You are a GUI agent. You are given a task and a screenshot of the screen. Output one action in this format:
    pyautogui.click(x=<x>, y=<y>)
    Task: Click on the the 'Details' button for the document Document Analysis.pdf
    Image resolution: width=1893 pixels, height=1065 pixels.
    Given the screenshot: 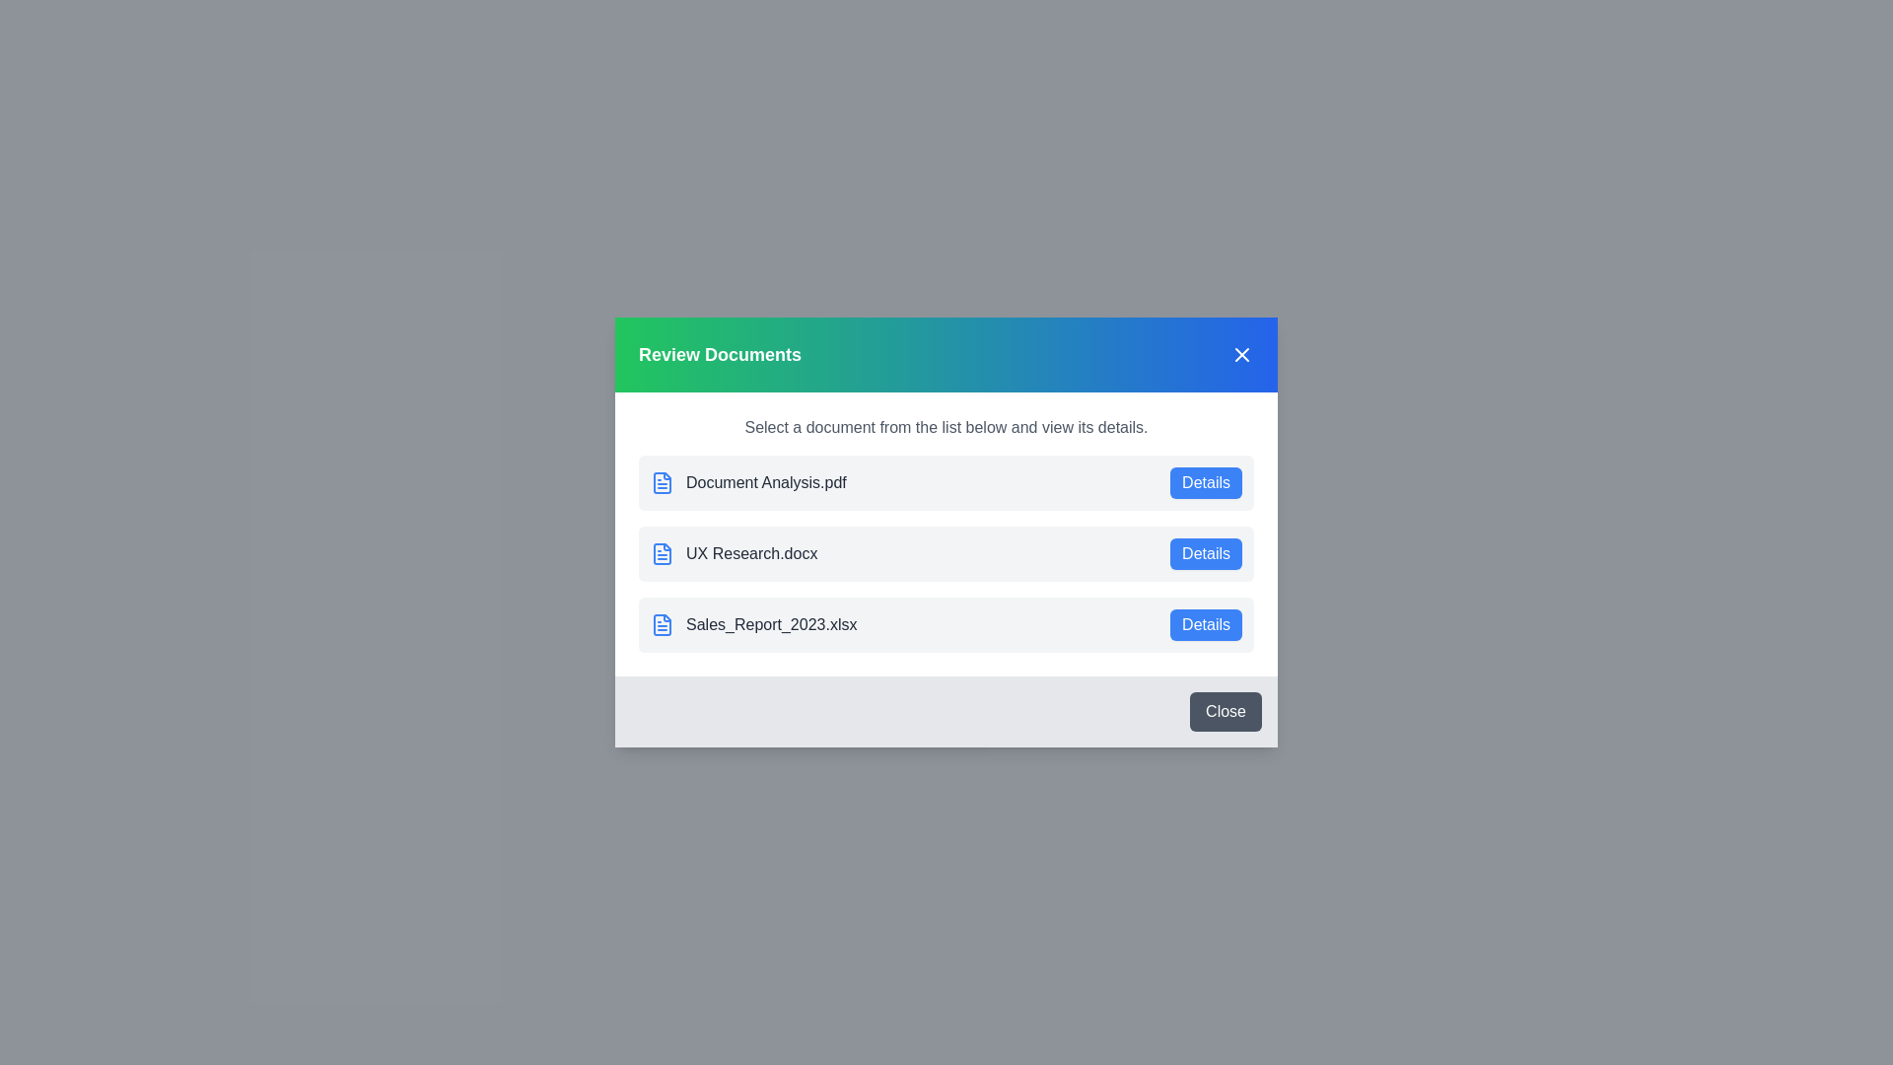 What is the action you would take?
    pyautogui.click(x=1205, y=482)
    